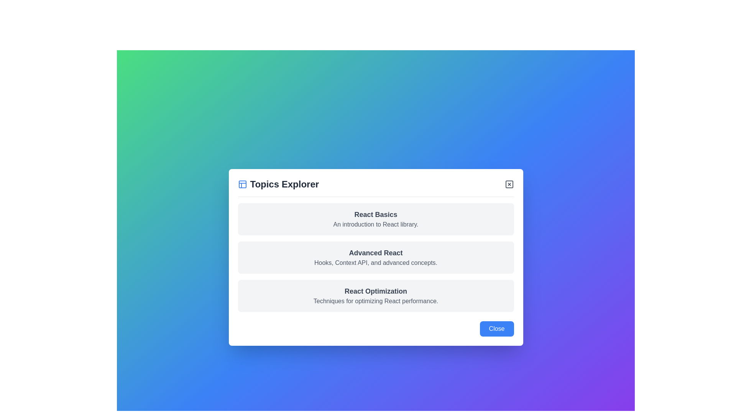 The height and width of the screenshot is (414, 736). I want to click on the second informational card in the Topics Explorer section, which provides content about advanced React concepts such as Hooks and Context API, so click(376, 257).